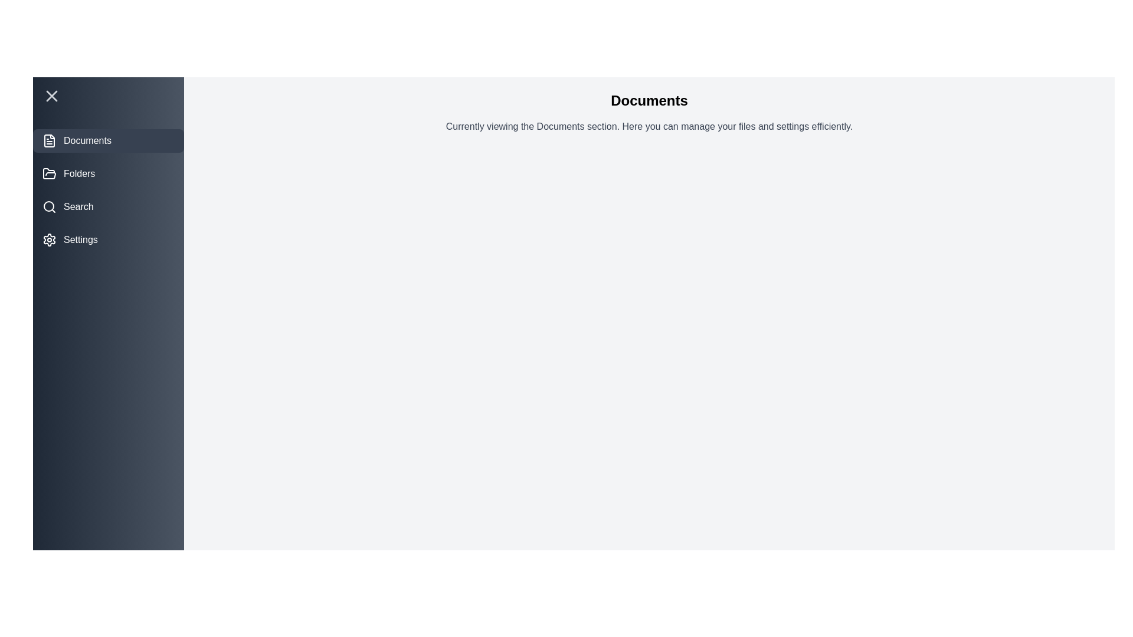 Image resolution: width=1133 pixels, height=637 pixels. Describe the element at coordinates (108, 95) in the screenshot. I see `toggle button at the top left corner of the drawer to toggle its state` at that location.